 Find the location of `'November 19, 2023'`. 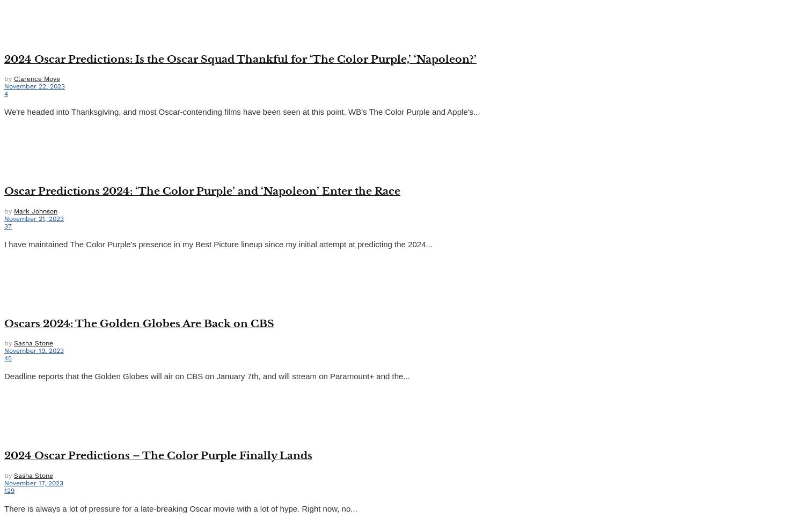

'November 19, 2023' is located at coordinates (4, 351).